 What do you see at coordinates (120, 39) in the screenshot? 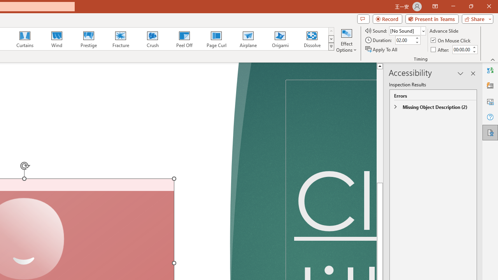
I see `'Fracture'` at bounding box center [120, 39].